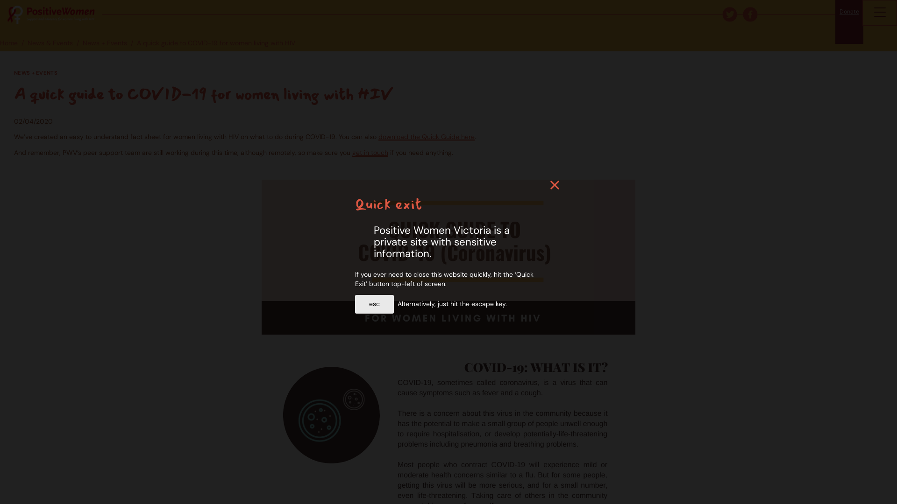 This screenshot has width=897, height=504. Describe the element at coordinates (378, 137) in the screenshot. I see `'download the Quick Guide here'` at that location.